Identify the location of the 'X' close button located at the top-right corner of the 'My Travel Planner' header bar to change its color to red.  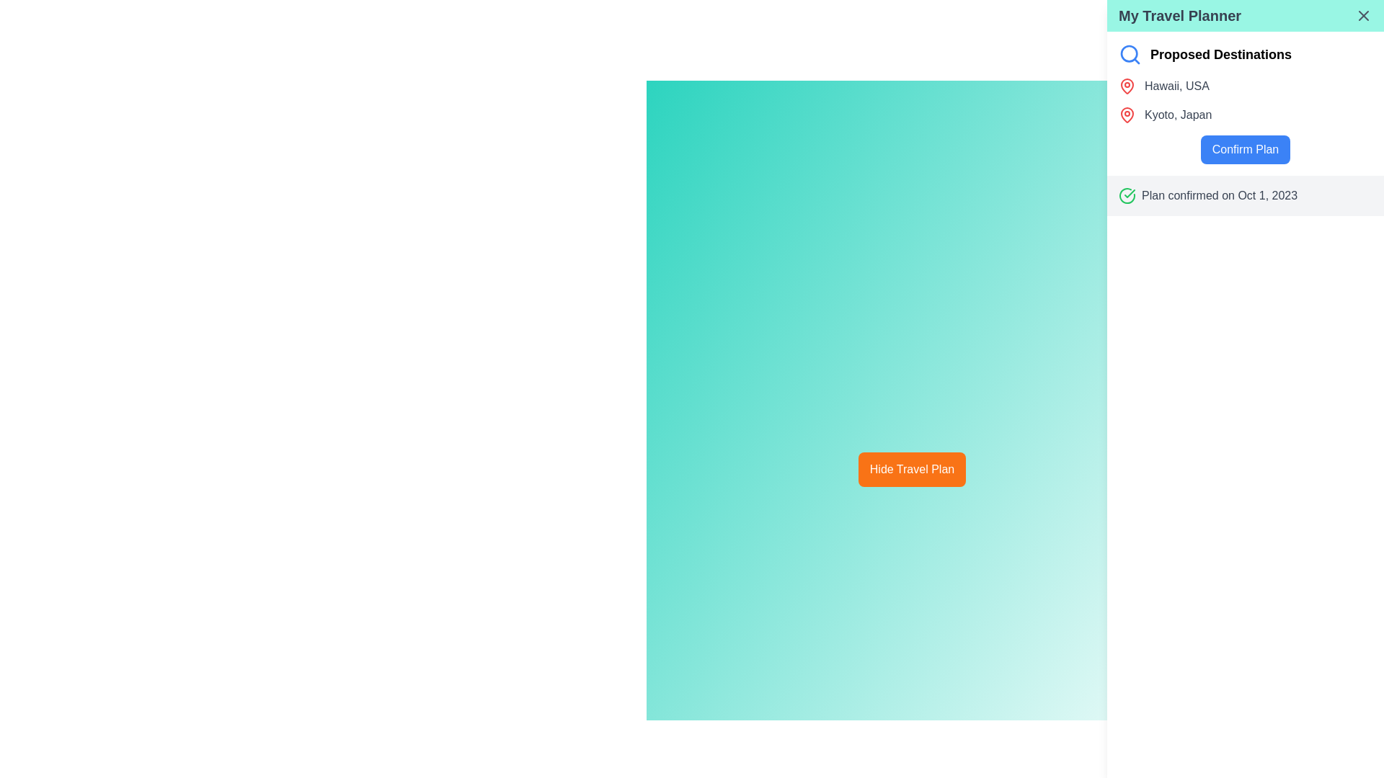
(1362, 16).